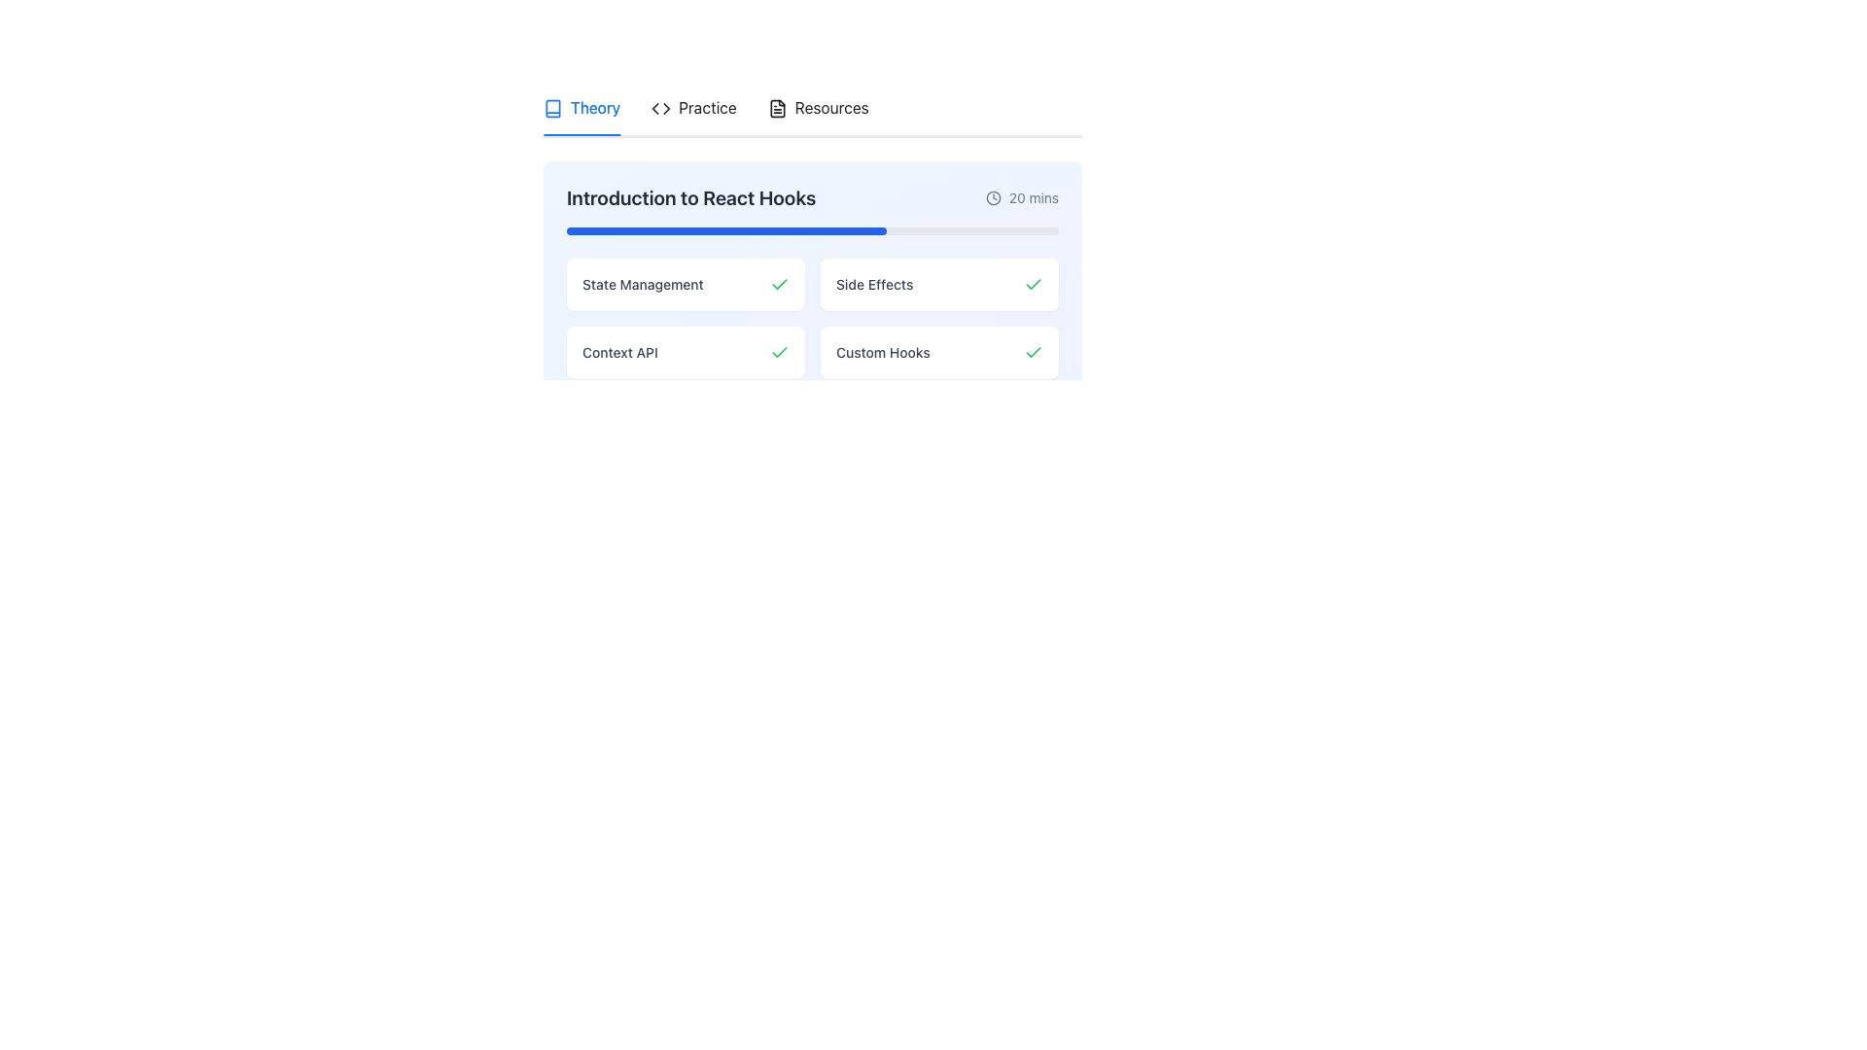 This screenshot has height=1050, width=1867. Describe the element at coordinates (661, 108) in the screenshot. I see `the coding-related icon in the top navigation bar` at that location.